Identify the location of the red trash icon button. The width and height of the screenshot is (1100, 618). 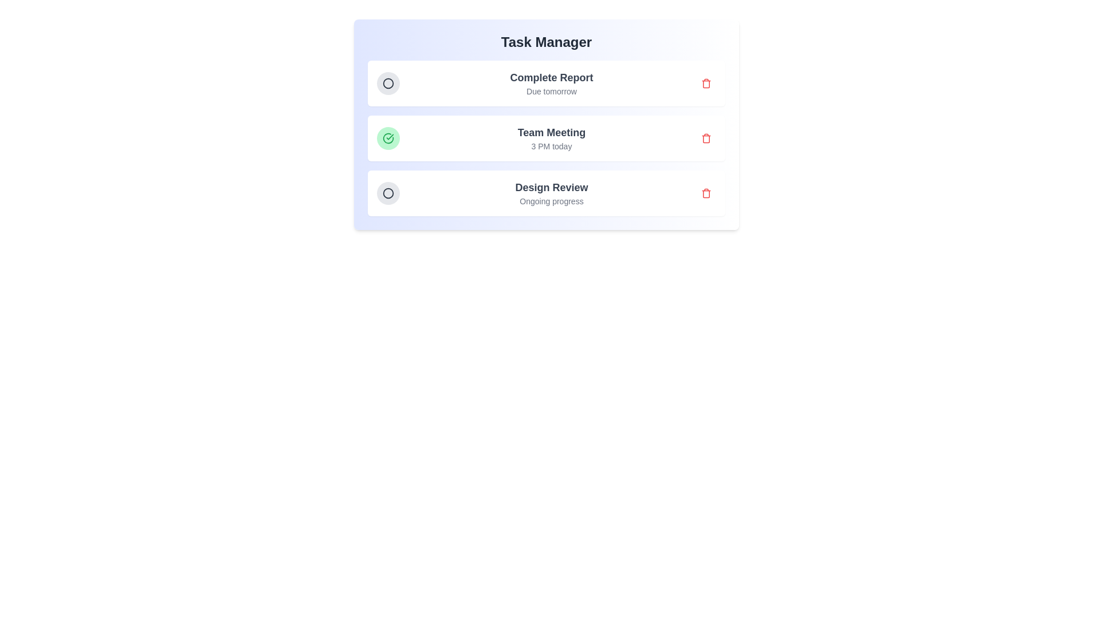
(706, 83).